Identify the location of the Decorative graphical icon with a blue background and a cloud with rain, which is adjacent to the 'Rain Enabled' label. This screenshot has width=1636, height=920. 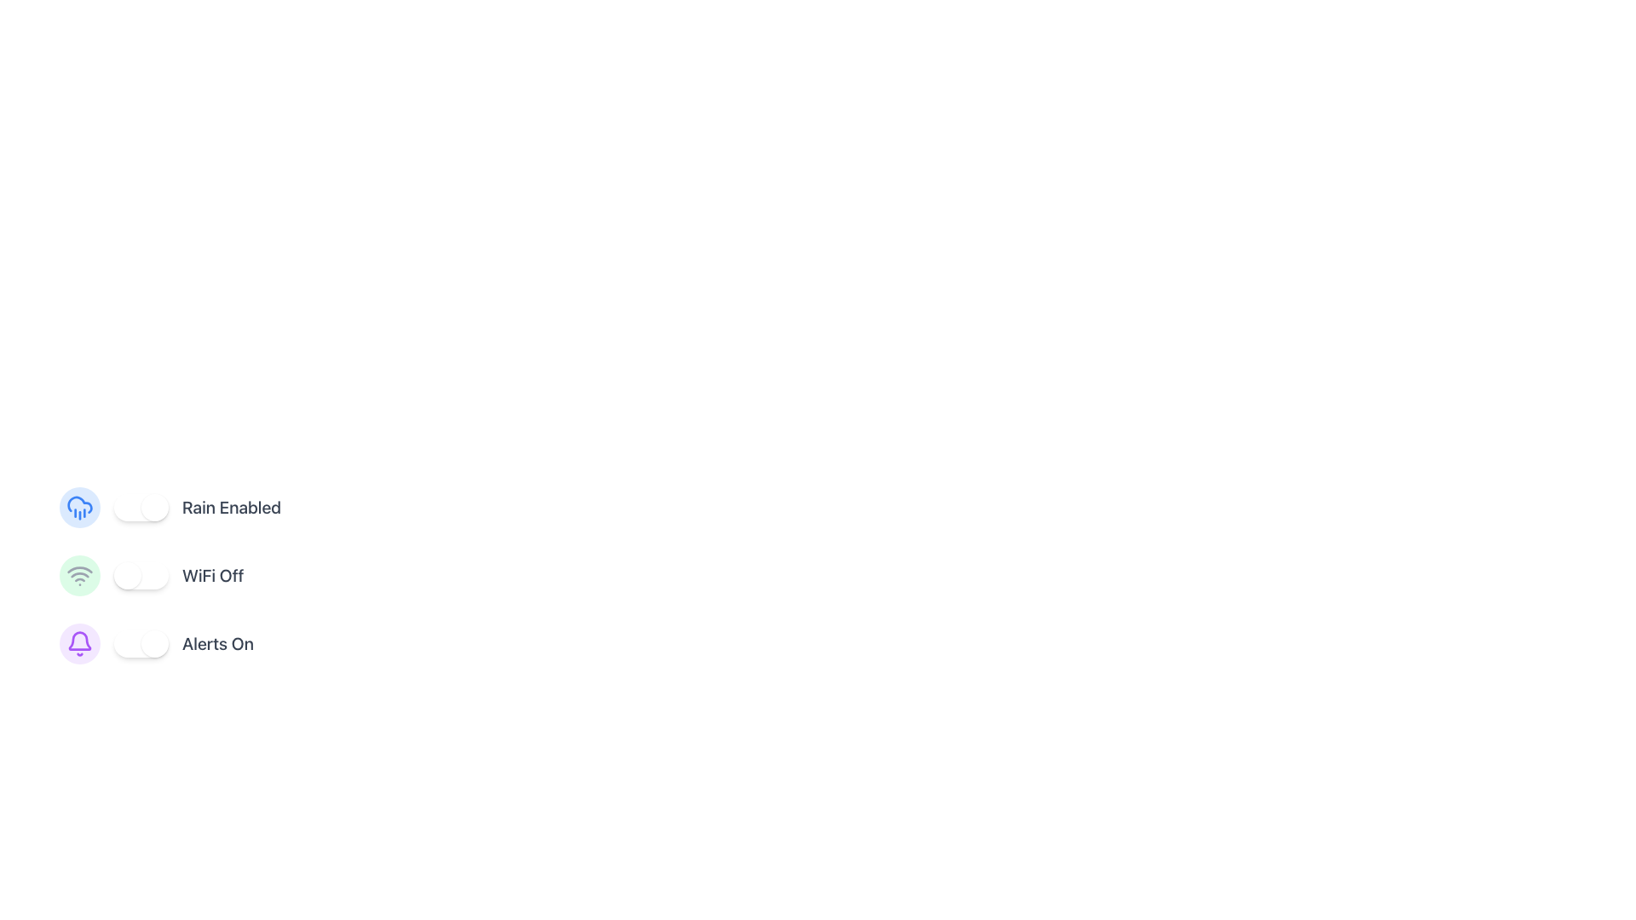
(79, 507).